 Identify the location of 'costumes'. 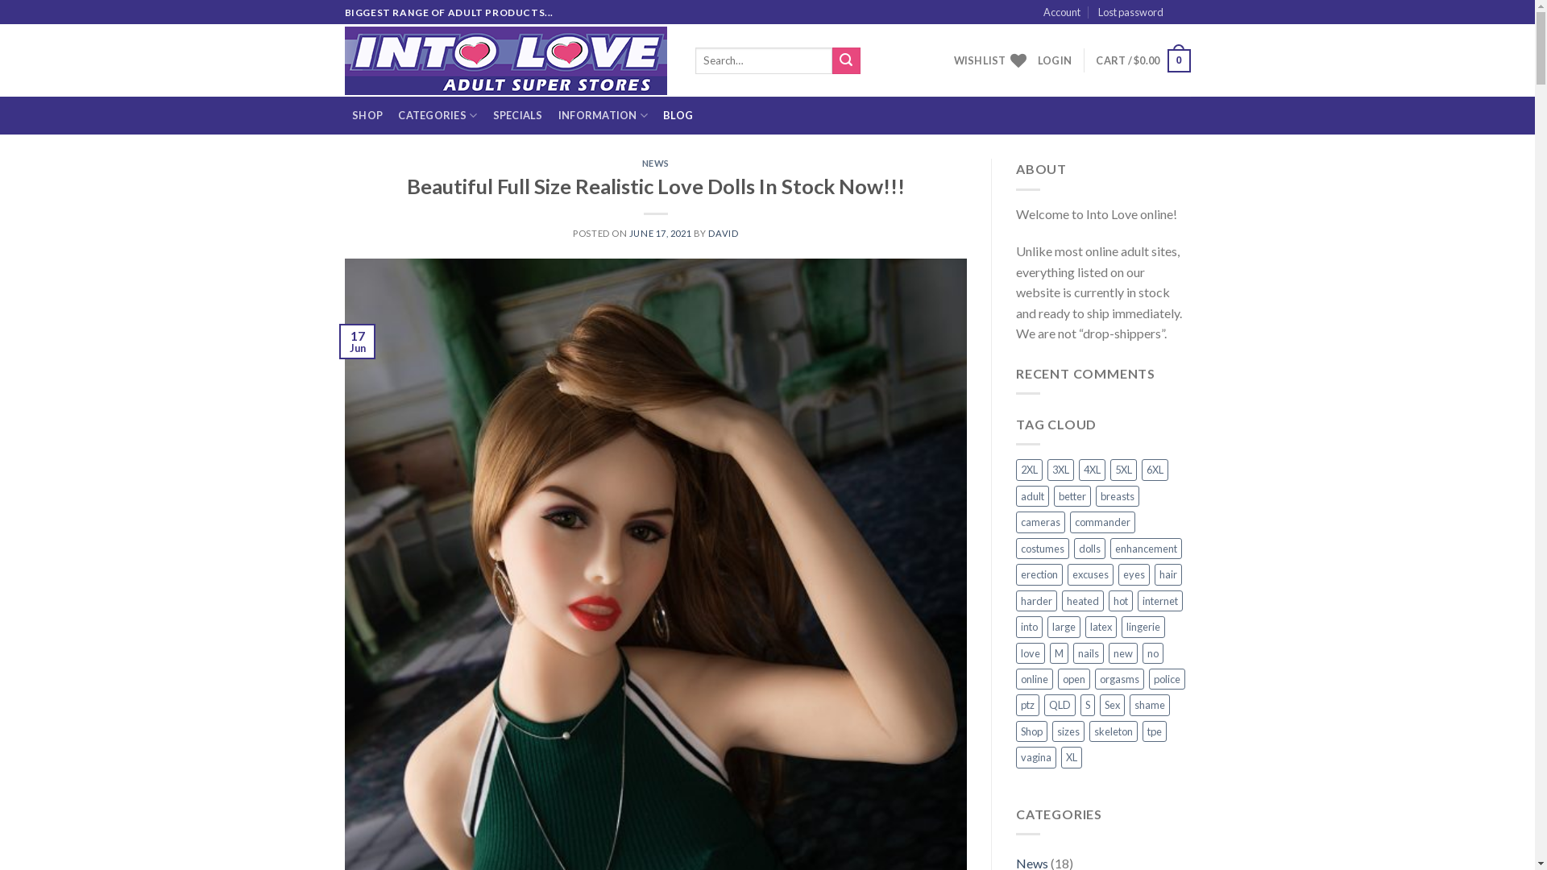
(1015, 548).